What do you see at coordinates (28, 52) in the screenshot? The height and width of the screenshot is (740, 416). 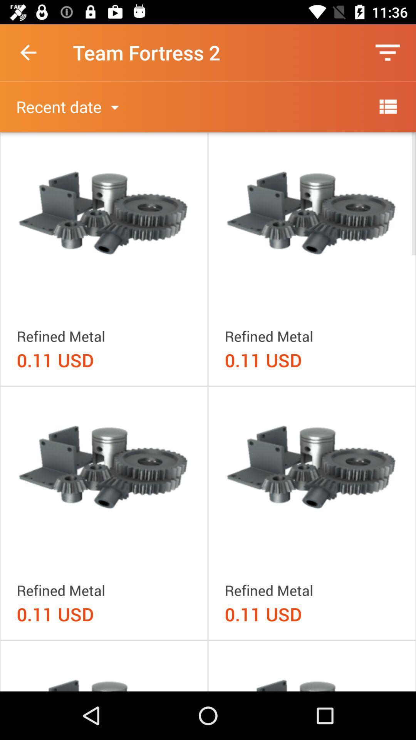 I see `the item next to team fortress 2` at bounding box center [28, 52].